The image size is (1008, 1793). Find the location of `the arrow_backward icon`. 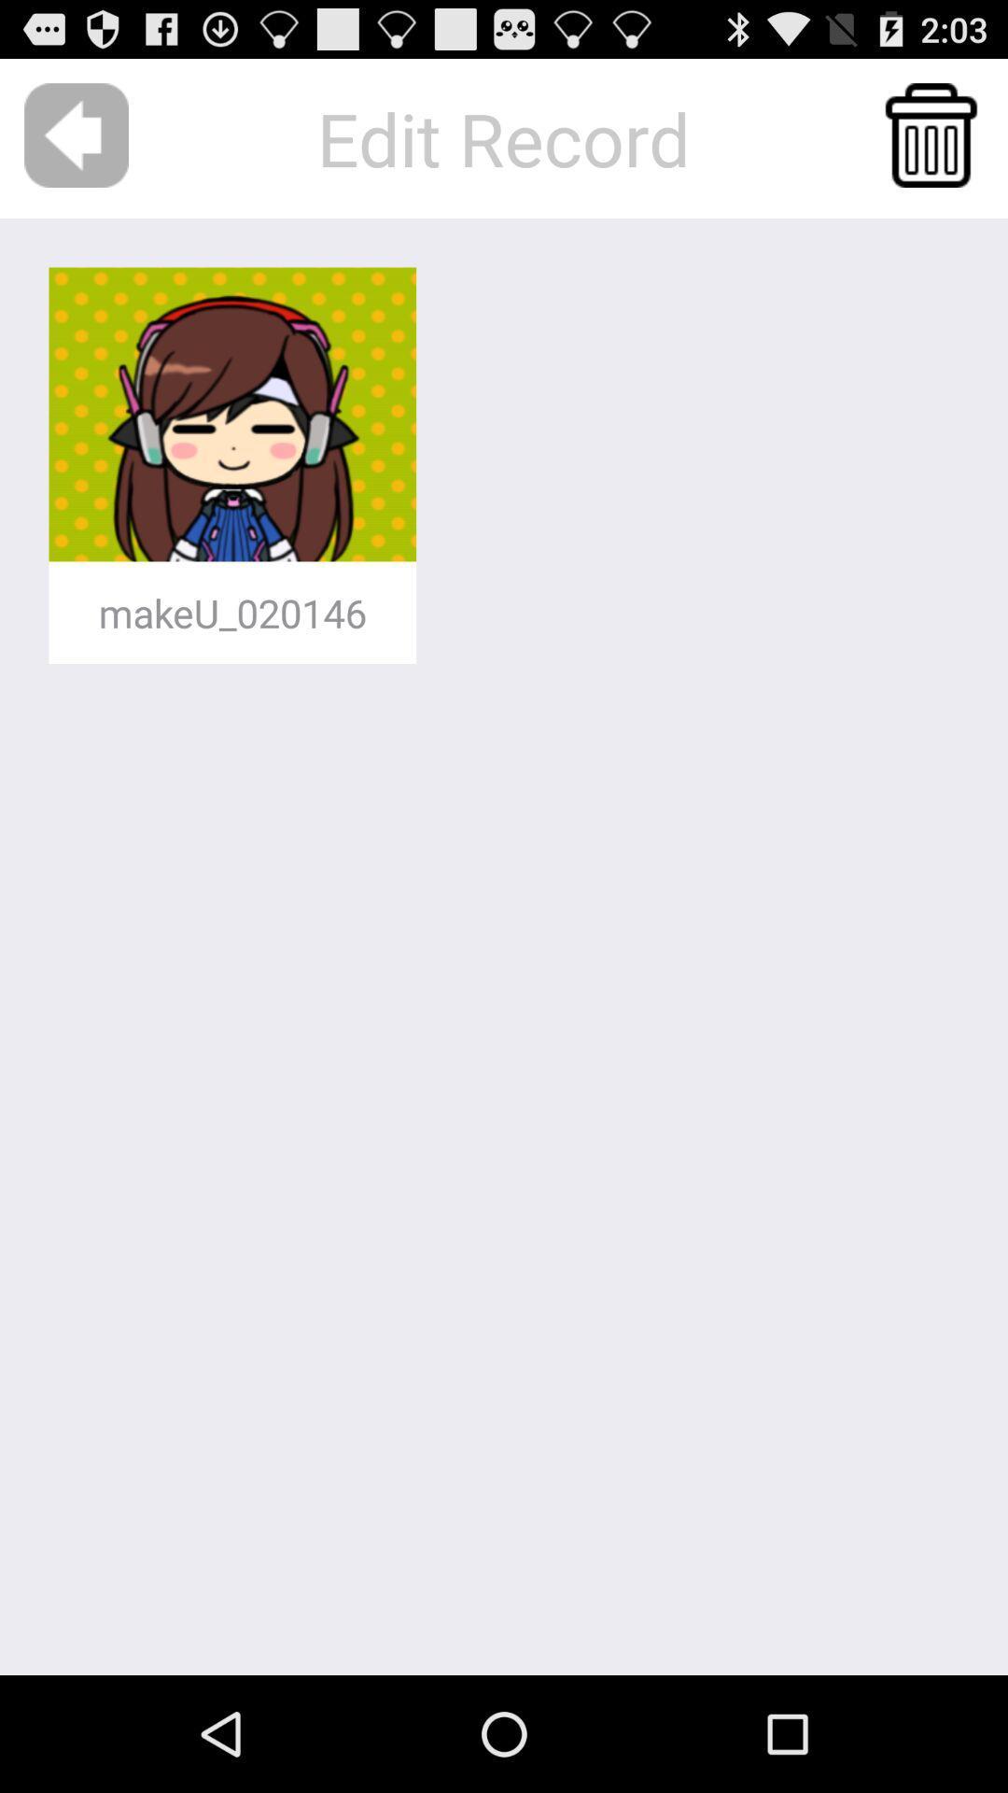

the arrow_backward icon is located at coordinates (76, 144).